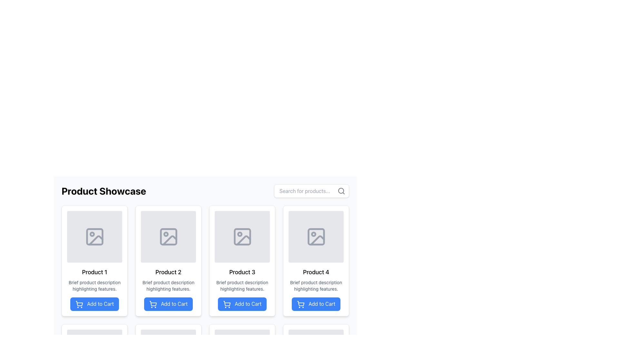  I want to click on the 'Add to Cart' icon located to the left of the text on the blue button associated with 'Product 4', so click(300, 304).